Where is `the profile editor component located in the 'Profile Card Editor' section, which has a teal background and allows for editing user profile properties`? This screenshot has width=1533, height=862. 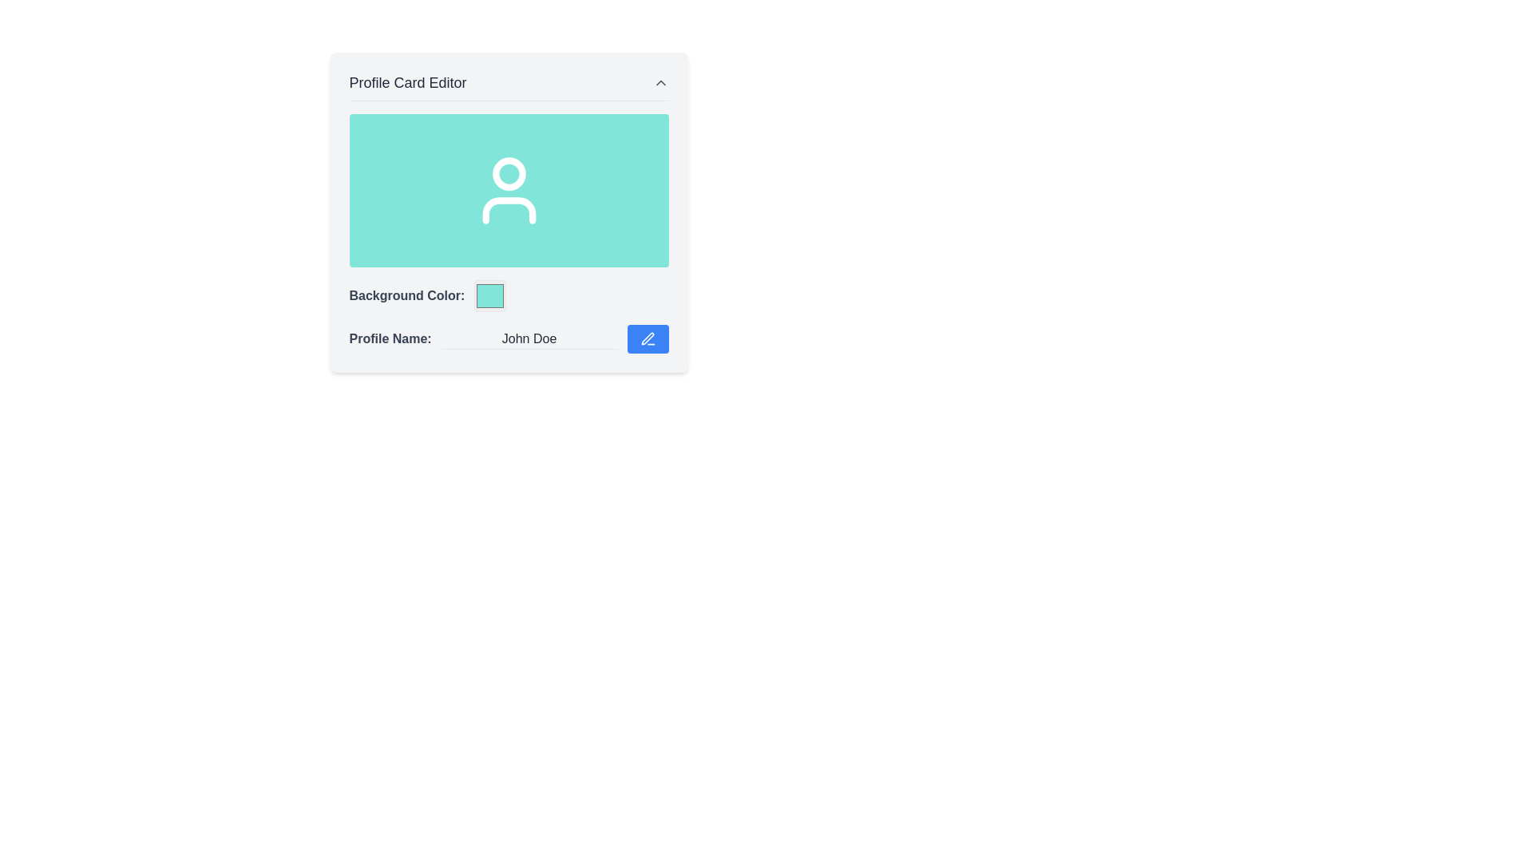 the profile editor component located in the 'Profile Card Editor' section, which has a teal background and allows for editing user profile properties is located at coordinates (508, 234).